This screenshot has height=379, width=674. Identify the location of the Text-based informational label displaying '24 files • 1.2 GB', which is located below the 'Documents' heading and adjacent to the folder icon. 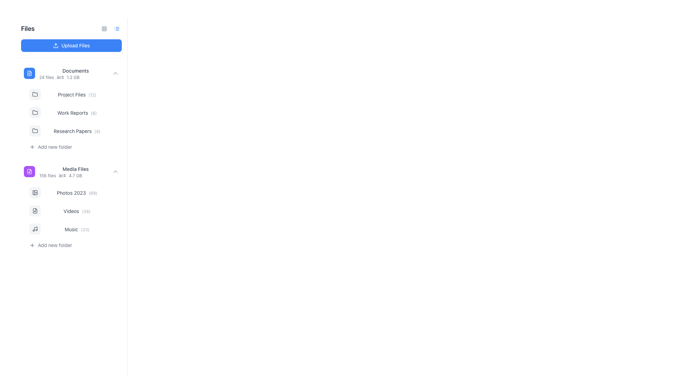
(75, 77).